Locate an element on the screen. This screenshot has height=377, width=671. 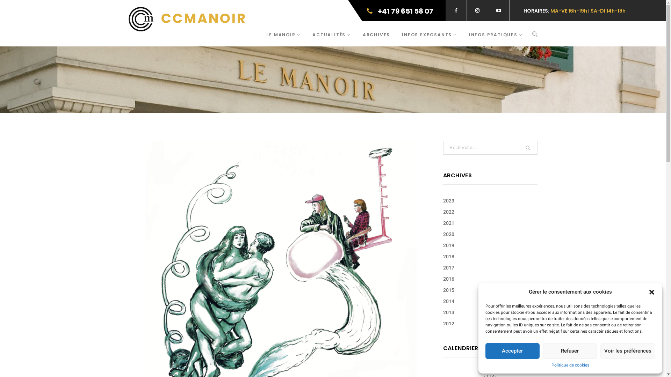
'2022' is located at coordinates (442, 211).